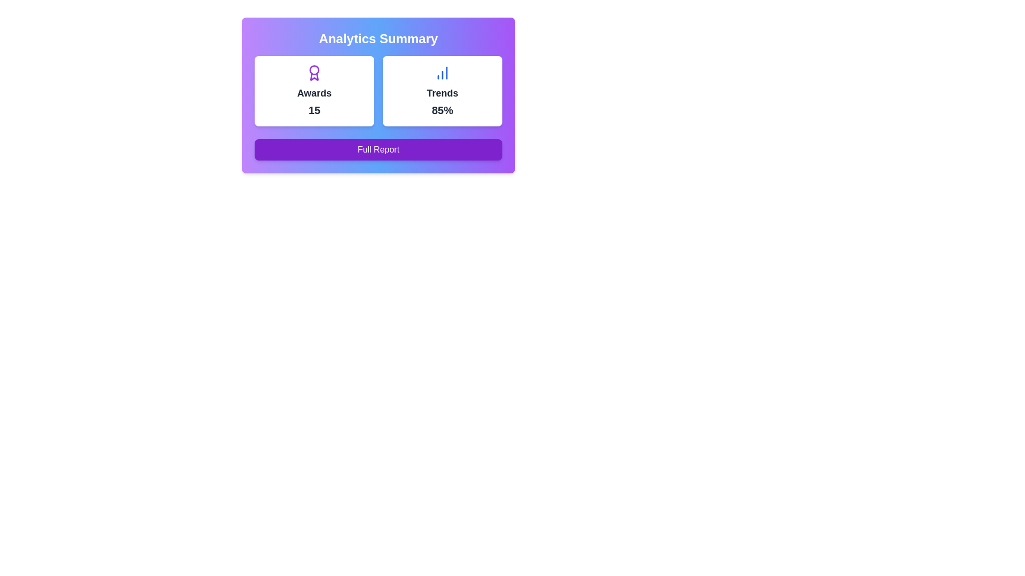  What do you see at coordinates (443, 73) in the screenshot?
I see `the column chart icon representing data trends, located in the 'Trends' box above the '85%' text within the 'Analytics Summary' card` at bounding box center [443, 73].